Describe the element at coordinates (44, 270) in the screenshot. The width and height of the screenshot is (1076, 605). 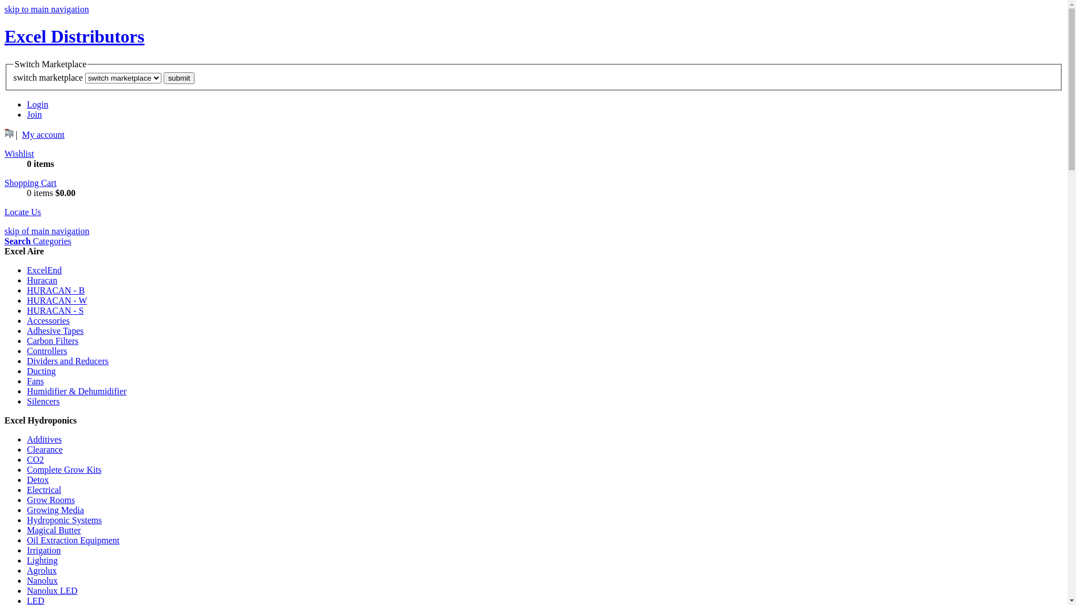
I see `'ExcelEnd'` at that location.